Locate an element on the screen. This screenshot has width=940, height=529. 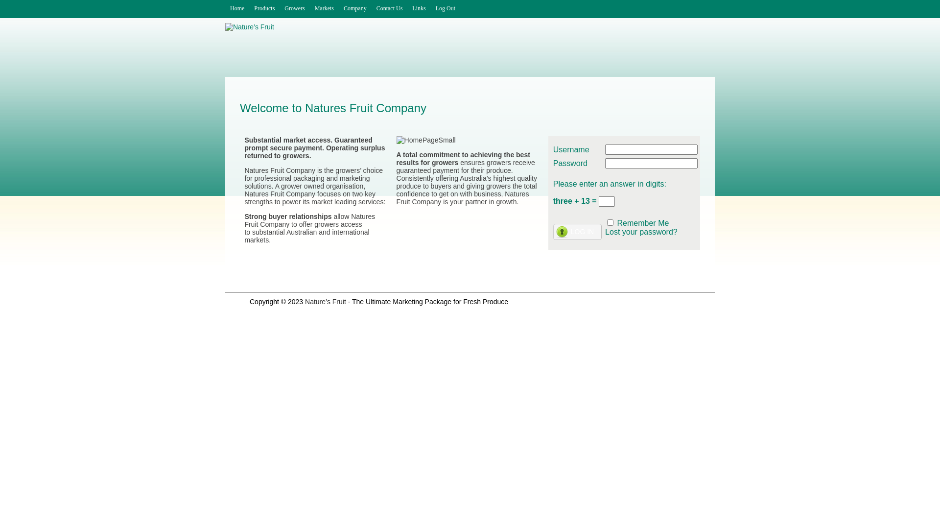
'Contact Us' is located at coordinates (389, 8).